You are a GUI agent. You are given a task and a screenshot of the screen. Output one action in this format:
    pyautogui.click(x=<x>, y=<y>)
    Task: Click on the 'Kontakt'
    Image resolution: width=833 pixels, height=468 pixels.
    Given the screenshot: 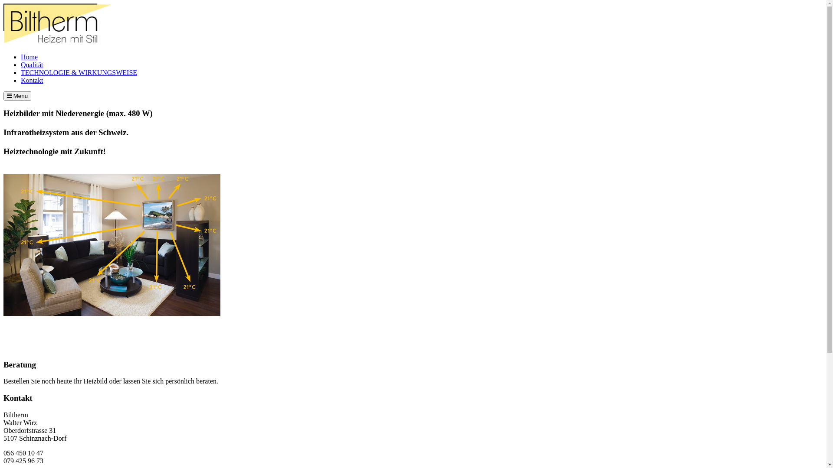 What is the action you would take?
    pyautogui.click(x=32, y=80)
    